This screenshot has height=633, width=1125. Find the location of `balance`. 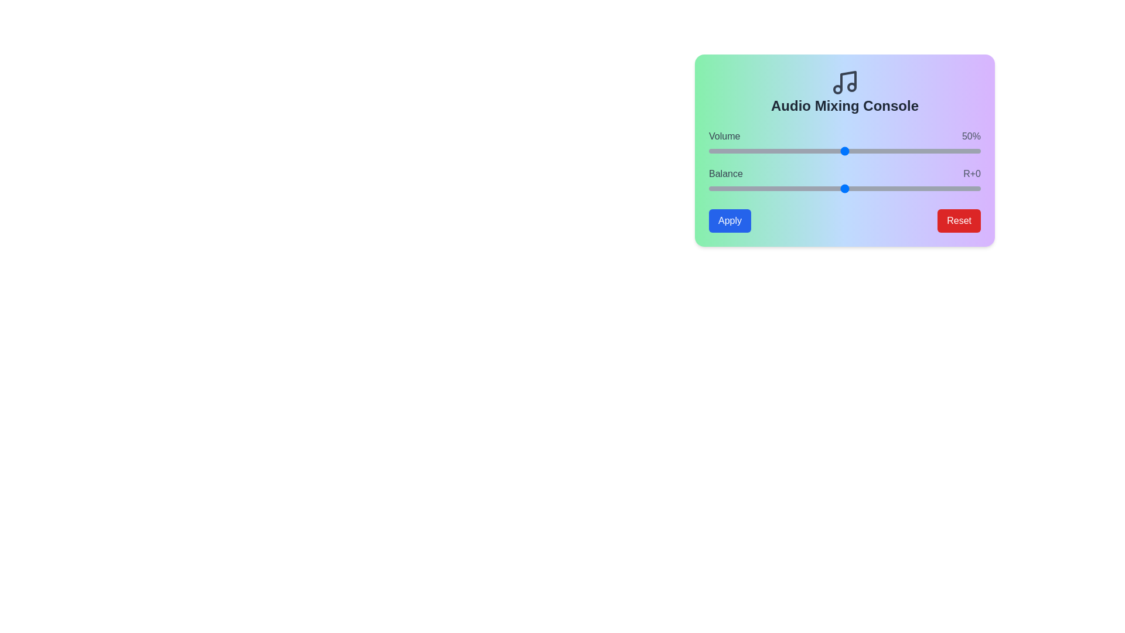

balance is located at coordinates (936, 188).